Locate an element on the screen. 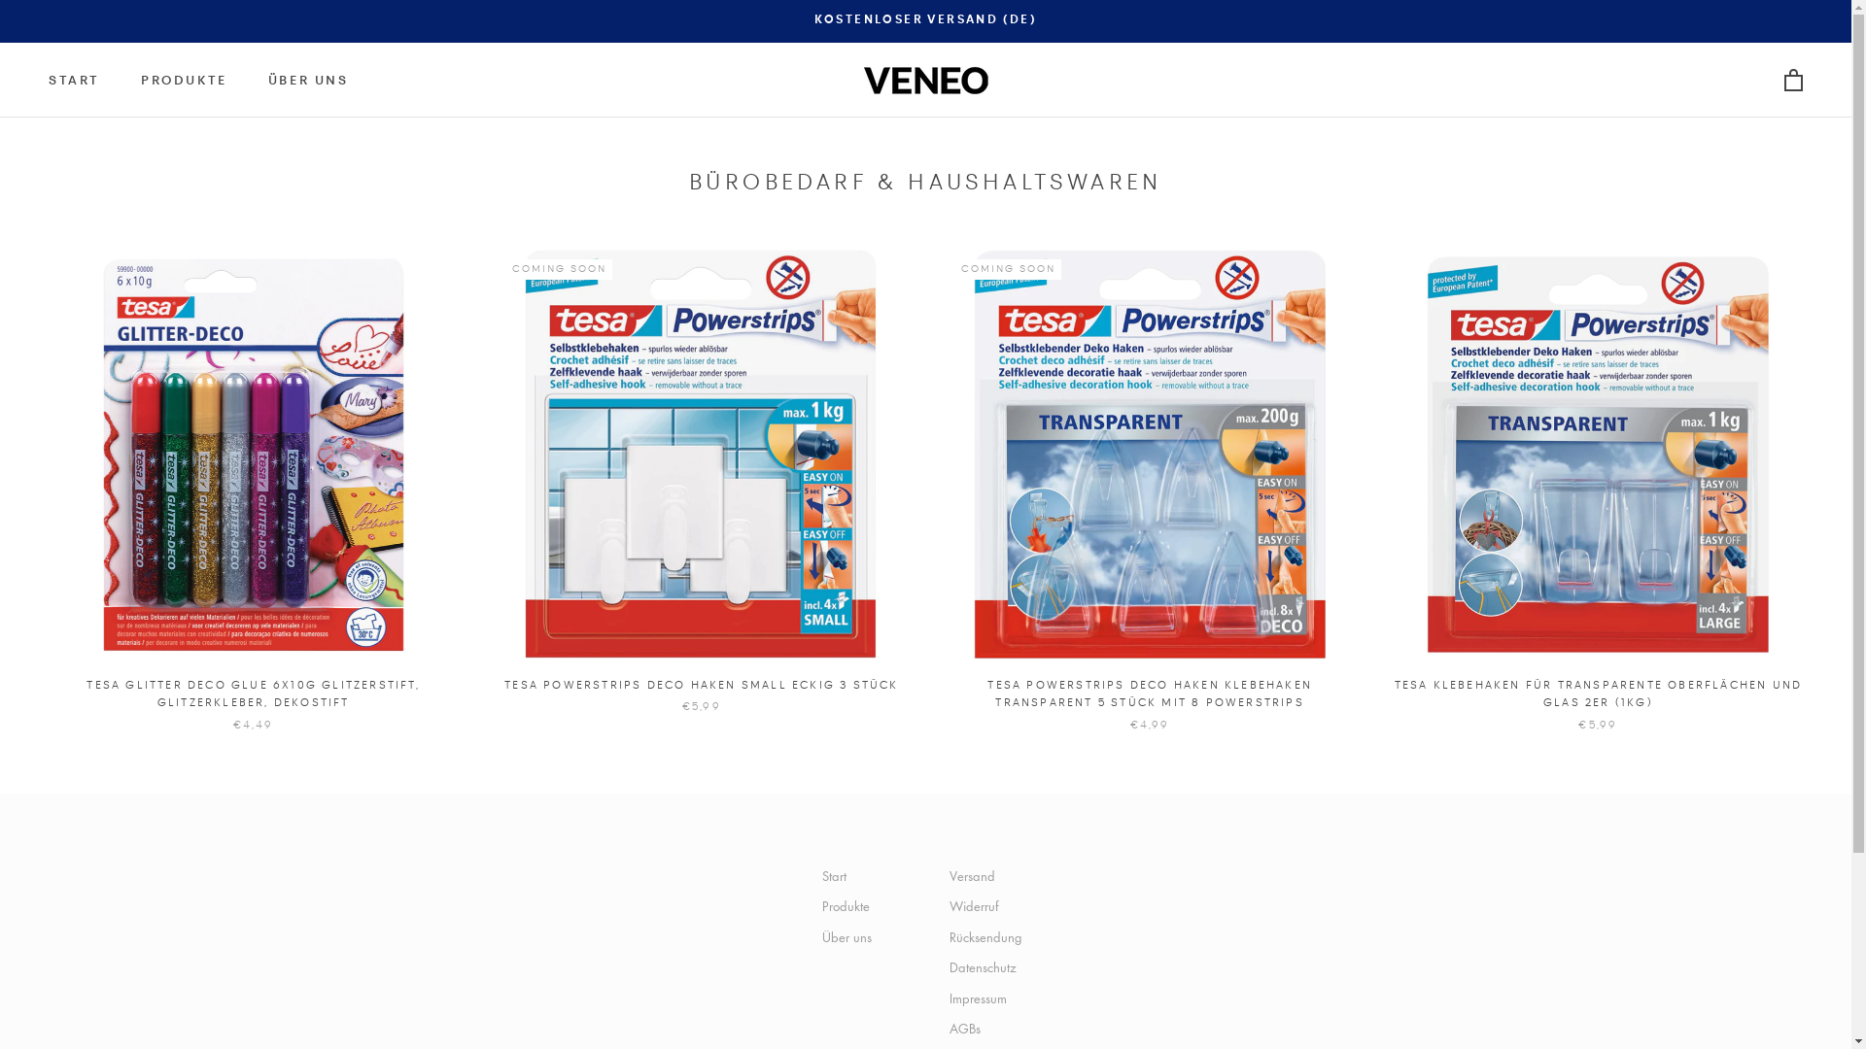  'Start' is located at coordinates (847, 876).